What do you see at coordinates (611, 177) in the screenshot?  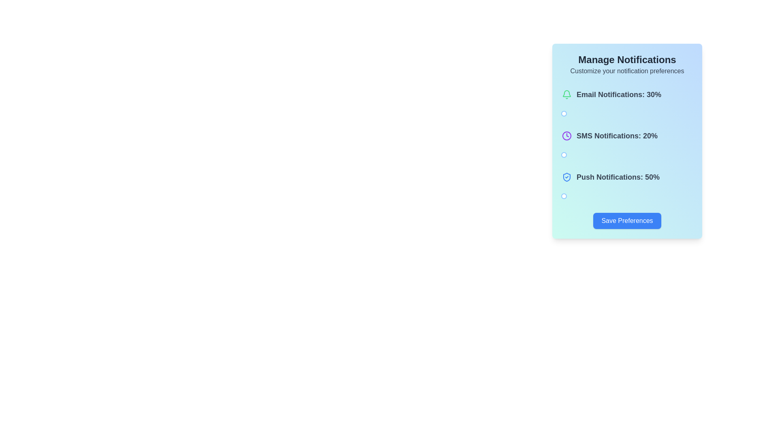 I see `the Text Label with Icon that indicates the current percentage setting for push notifications, located below 'Email Notifications: 30%' and 'SMS Notifications: 20%' in the 'Manage Notifications' section` at bounding box center [611, 177].